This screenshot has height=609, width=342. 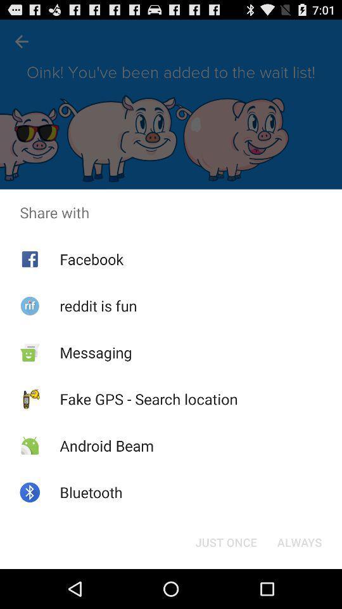 What do you see at coordinates (98, 305) in the screenshot?
I see `the reddit is fun` at bounding box center [98, 305].